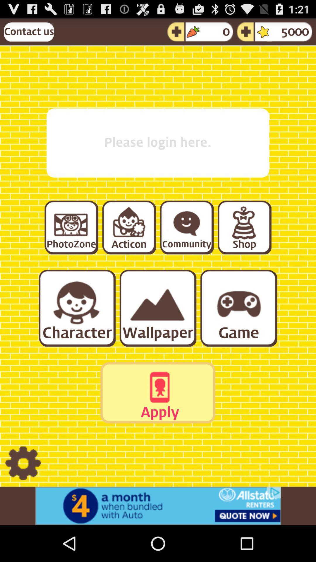 Image resolution: width=316 pixels, height=562 pixels. What do you see at coordinates (76, 307) in the screenshot?
I see `character` at bounding box center [76, 307].